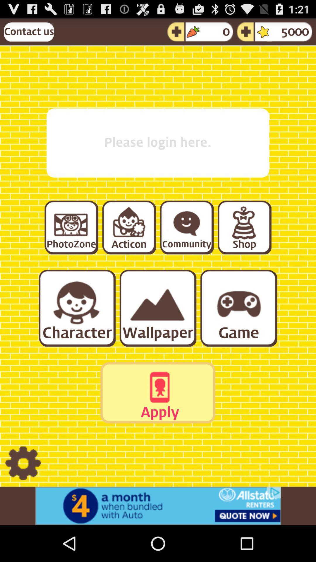 Image resolution: width=316 pixels, height=562 pixels. What do you see at coordinates (76, 307) in the screenshot?
I see `character` at bounding box center [76, 307].